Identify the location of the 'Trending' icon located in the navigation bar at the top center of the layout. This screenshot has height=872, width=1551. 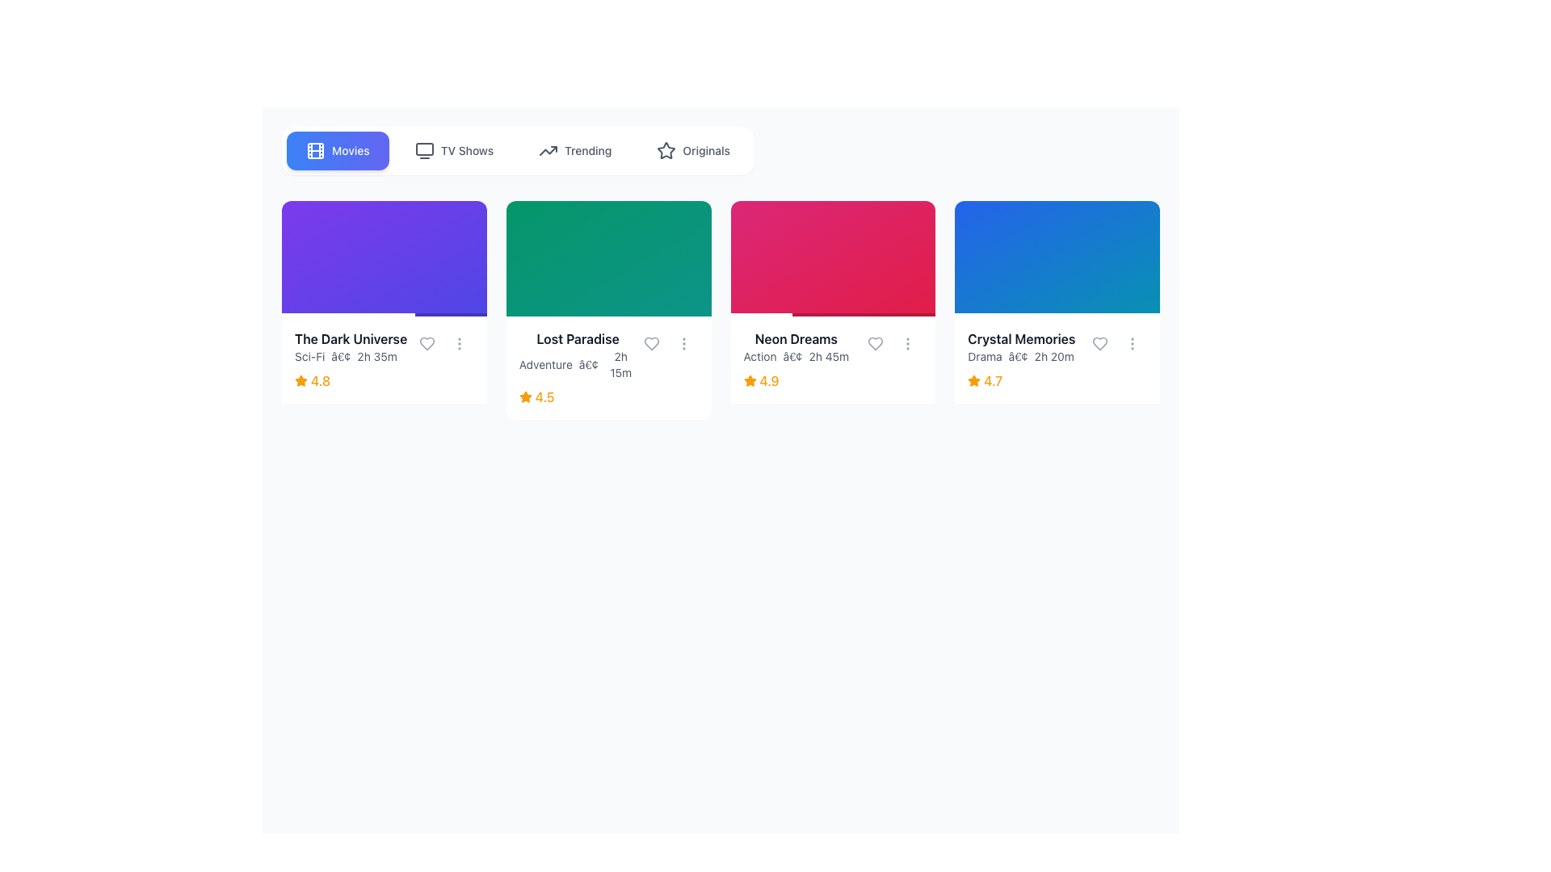
(549, 150).